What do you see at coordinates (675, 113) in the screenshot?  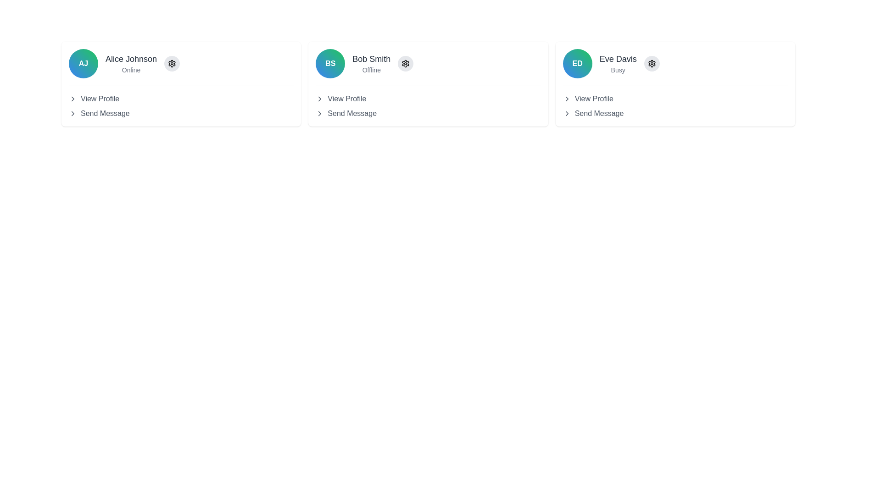 I see `the button located at the bottom of the card for 'Eve Davis' to send a message` at bounding box center [675, 113].